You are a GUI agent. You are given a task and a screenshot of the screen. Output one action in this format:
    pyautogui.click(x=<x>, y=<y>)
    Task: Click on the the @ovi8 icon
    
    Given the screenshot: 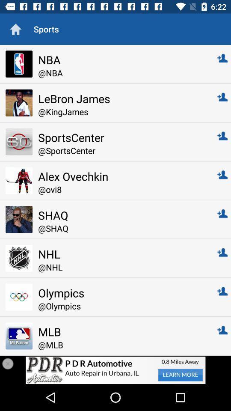 What is the action you would take?
    pyautogui.click(x=121, y=189)
    